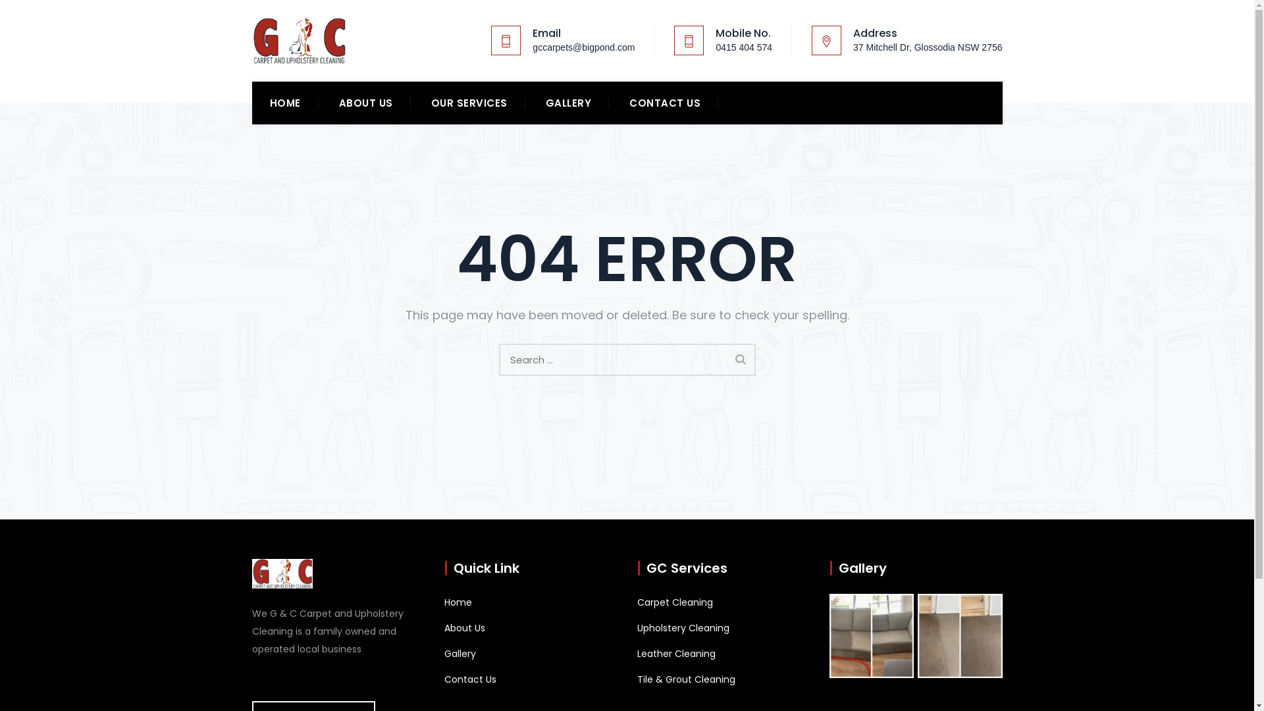 This screenshot has height=711, width=1264. What do you see at coordinates (444, 627) in the screenshot?
I see `'About Us'` at bounding box center [444, 627].